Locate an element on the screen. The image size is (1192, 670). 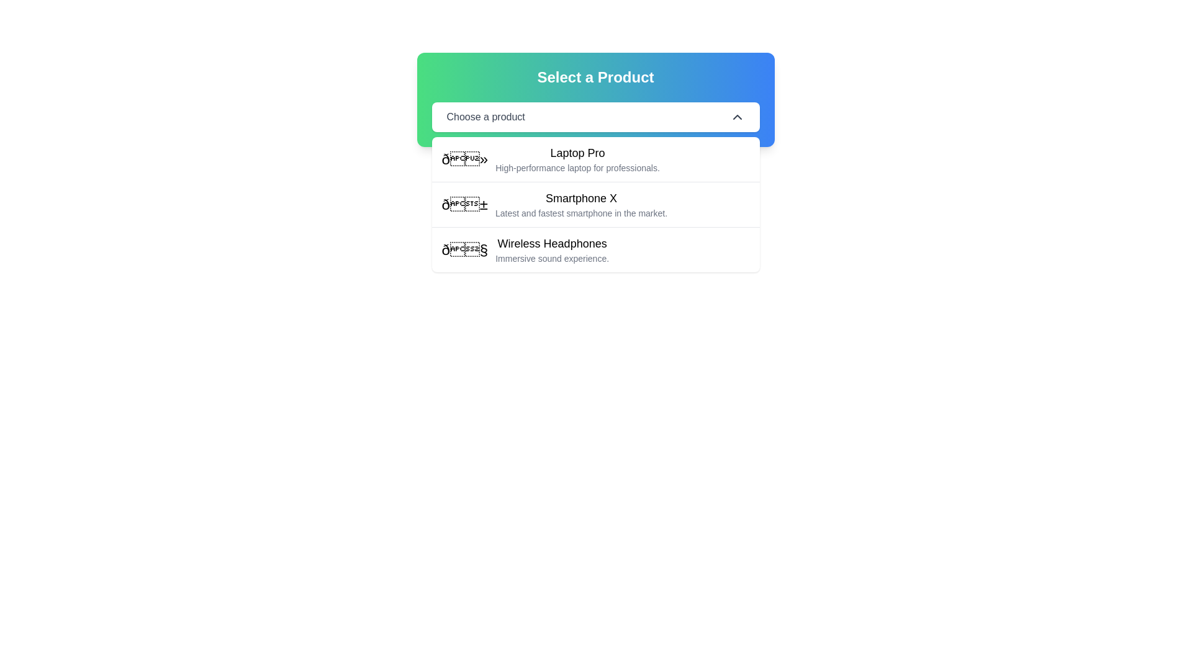
the text block displaying 'Laptop Pro' is located at coordinates (577, 159).